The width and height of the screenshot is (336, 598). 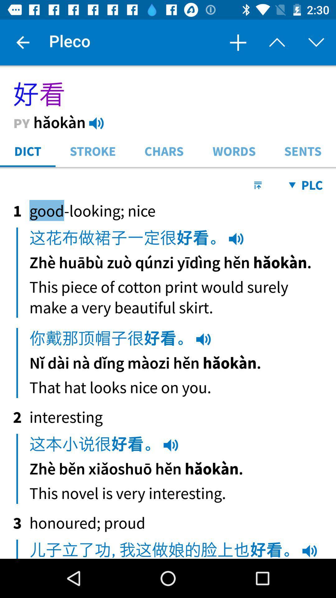 What do you see at coordinates (93, 150) in the screenshot?
I see `the button beside dict` at bounding box center [93, 150].